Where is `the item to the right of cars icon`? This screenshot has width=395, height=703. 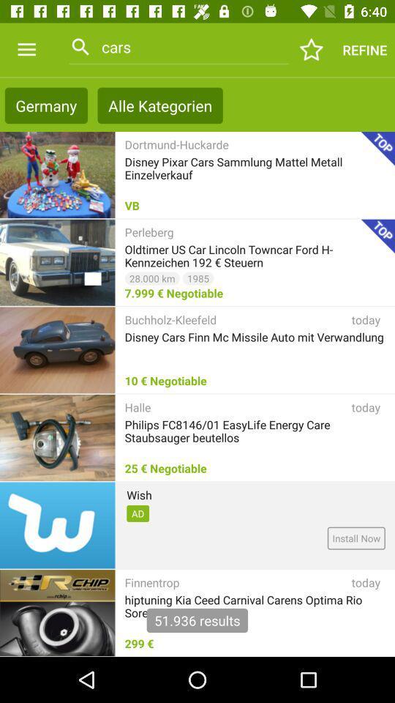
the item to the right of cars icon is located at coordinates (311, 50).